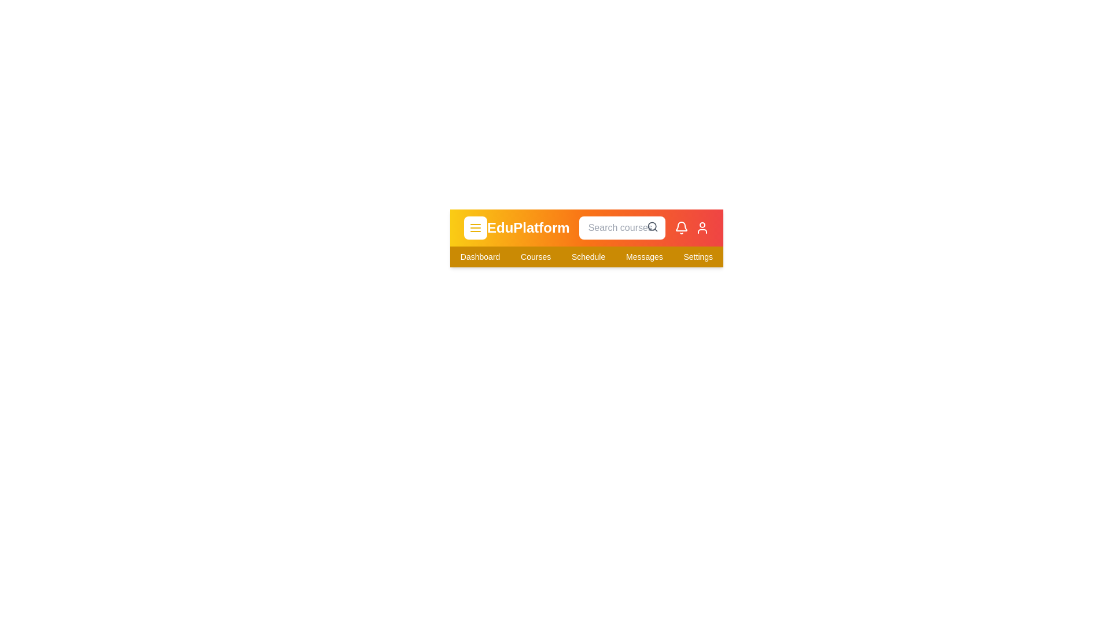 The width and height of the screenshot is (1111, 625). What do you see at coordinates (653, 227) in the screenshot?
I see `the search icon to initiate a search` at bounding box center [653, 227].